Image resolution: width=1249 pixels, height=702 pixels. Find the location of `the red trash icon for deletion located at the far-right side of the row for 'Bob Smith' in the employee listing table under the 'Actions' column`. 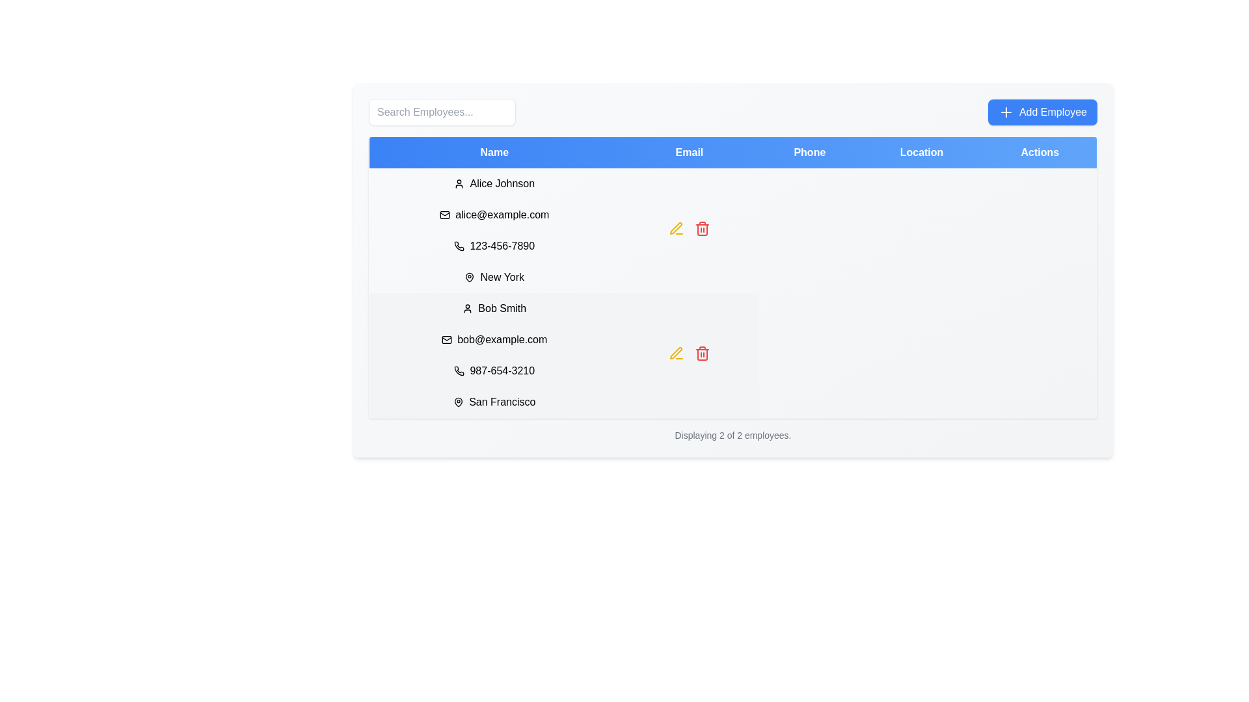

the red trash icon for deletion located at the far-right side of the row for 'Bob Smith' in the employee listing table under the 'Actions' column is located at coordinates (702, 353).